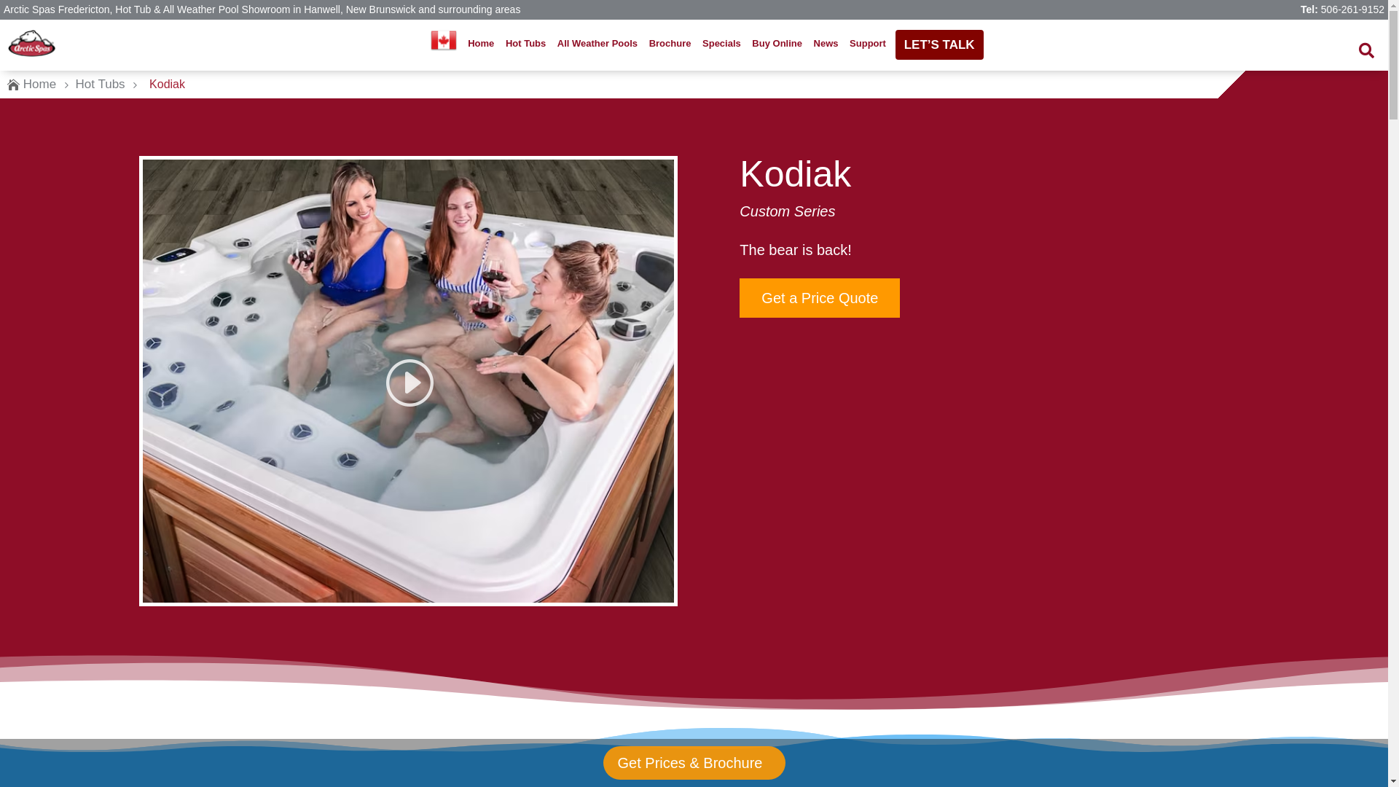  Describe the element at coordinates (481, 42) in the screenshot. I see `'Home'` at that location.